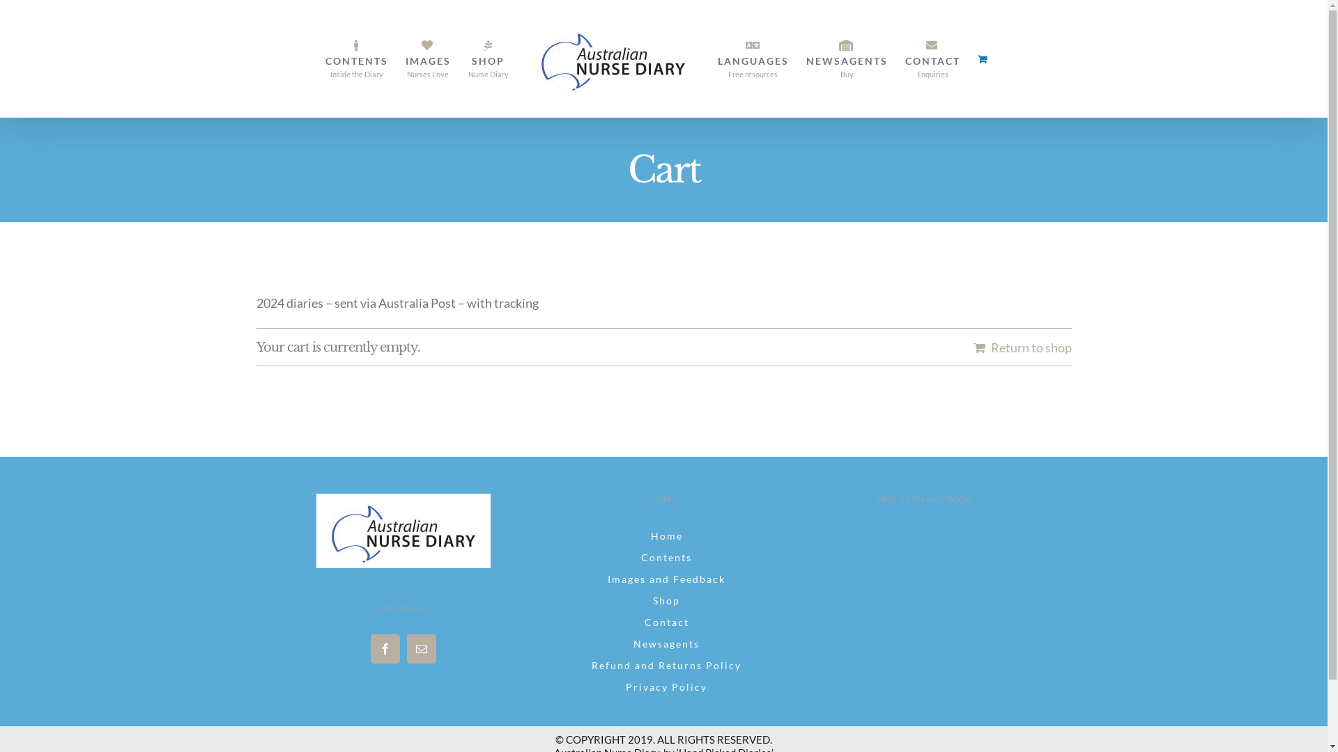 The height and width of the screenshot is (752, 1338). Describe the element at coordinates (488, 58) in the screenshot. I see `'SHOP` at that location.